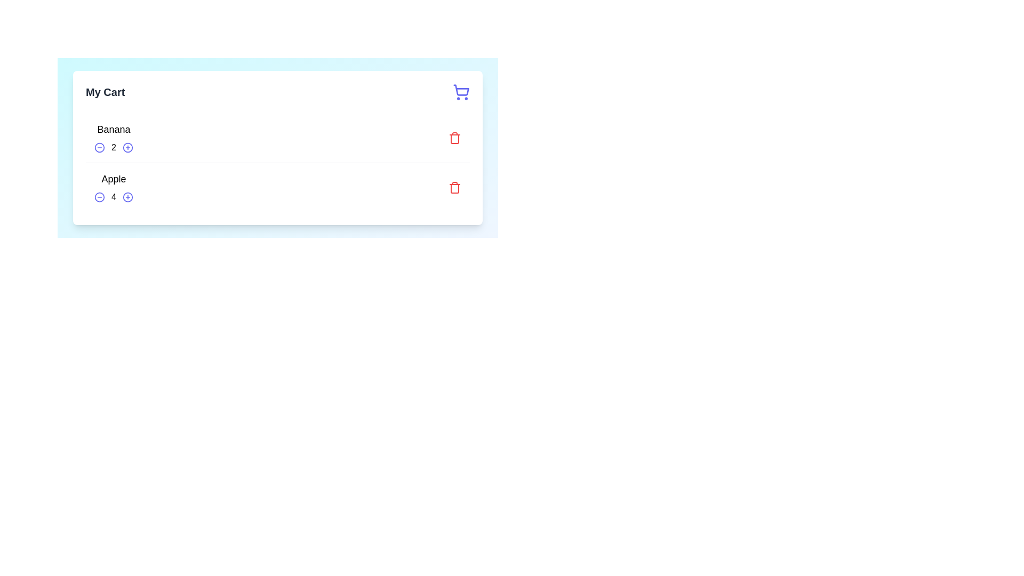 The width and height of the screenshot is (1024, 576). What do you see at coordinates (128, 197) in the screenshot?
I see `the circular button with a blue outline and a plus sign, located to the right of the number '4'` at bounding box center [128, 197].